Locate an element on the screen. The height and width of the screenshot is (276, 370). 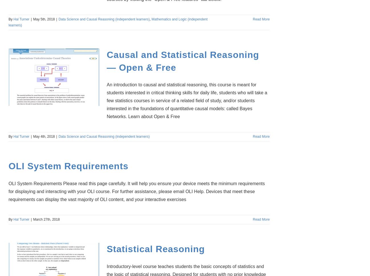
'Causal and Statistical Reasoning — Open & Free' is located at coordinates (106, 60).